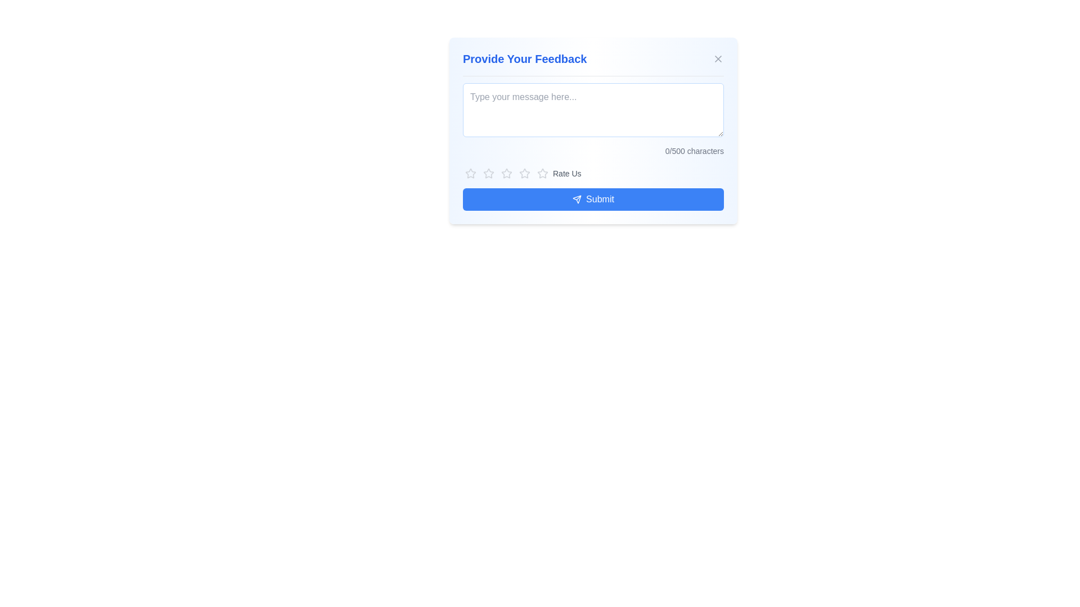 This screenshot has width=1080, height=607. I want to click on the fifth star icon in the horizontal sequence of rating options, so click(542, 173).